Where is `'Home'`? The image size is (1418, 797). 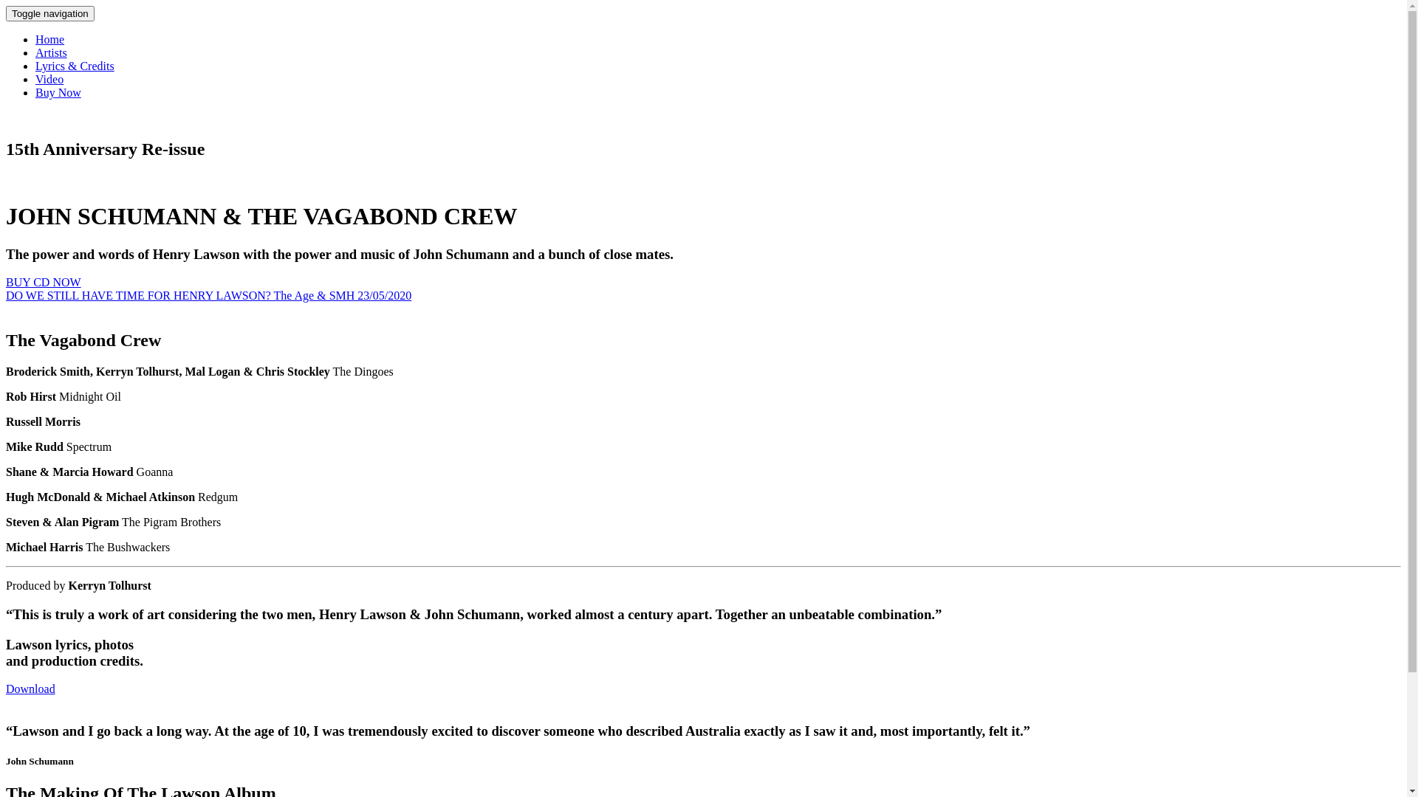 'Home' is located at coordinates (49, 38).